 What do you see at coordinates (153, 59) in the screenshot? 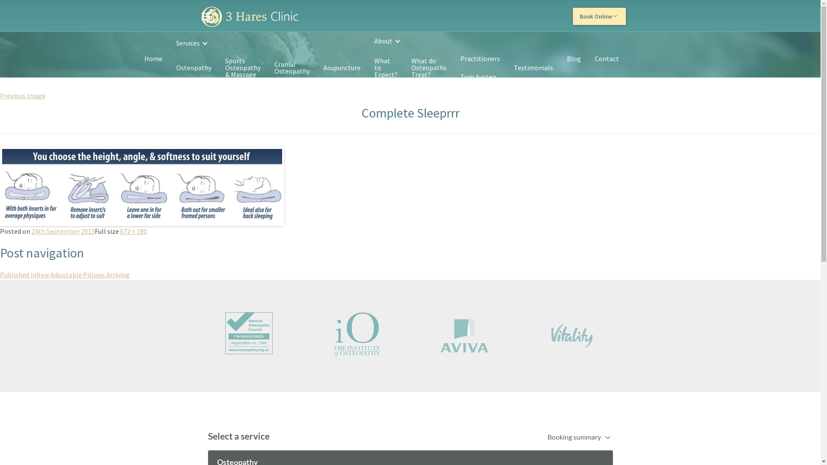
I see `'Home'` at bounding box center [153, 59].